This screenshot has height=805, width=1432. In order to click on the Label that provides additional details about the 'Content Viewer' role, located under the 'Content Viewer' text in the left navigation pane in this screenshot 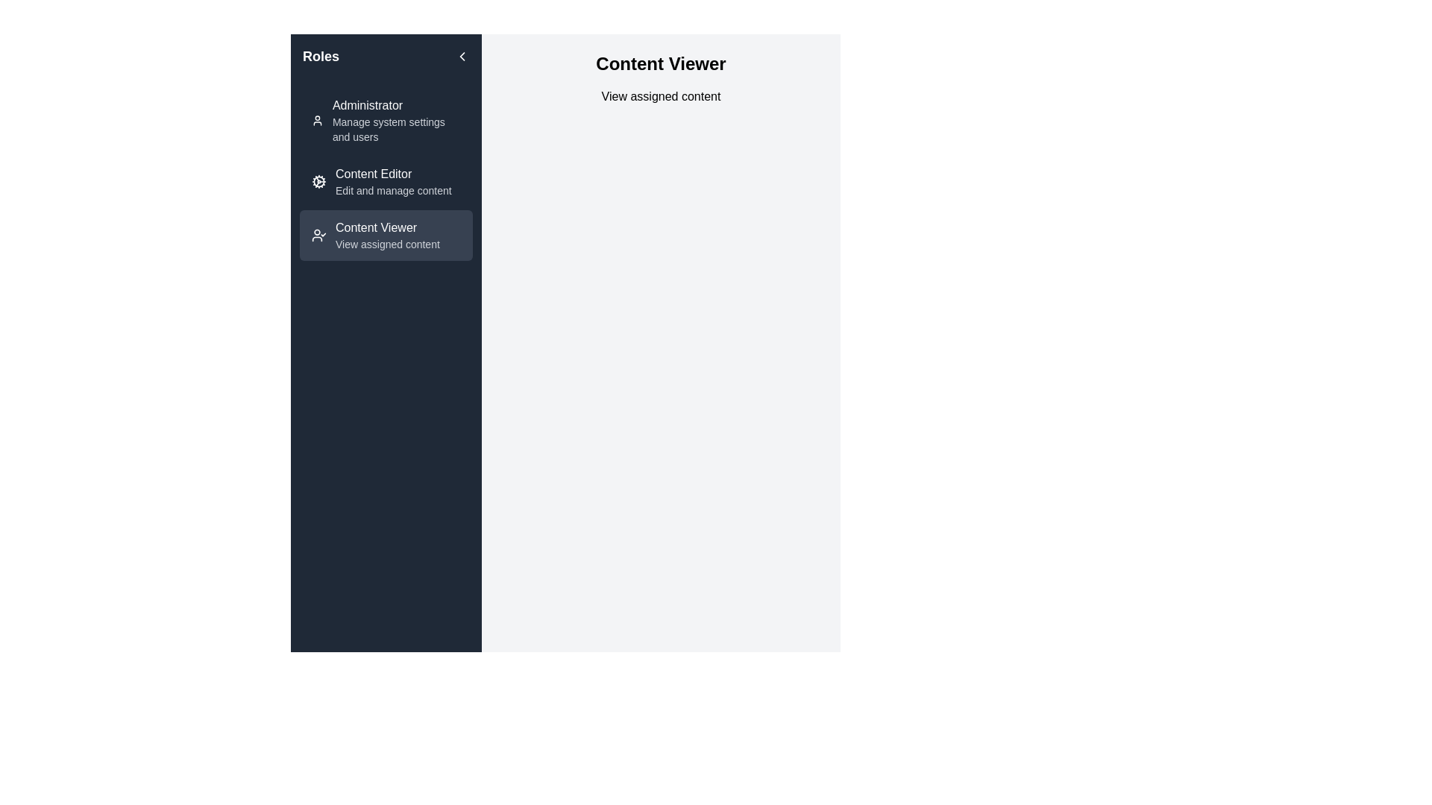, I will do `click(387, 243)`.